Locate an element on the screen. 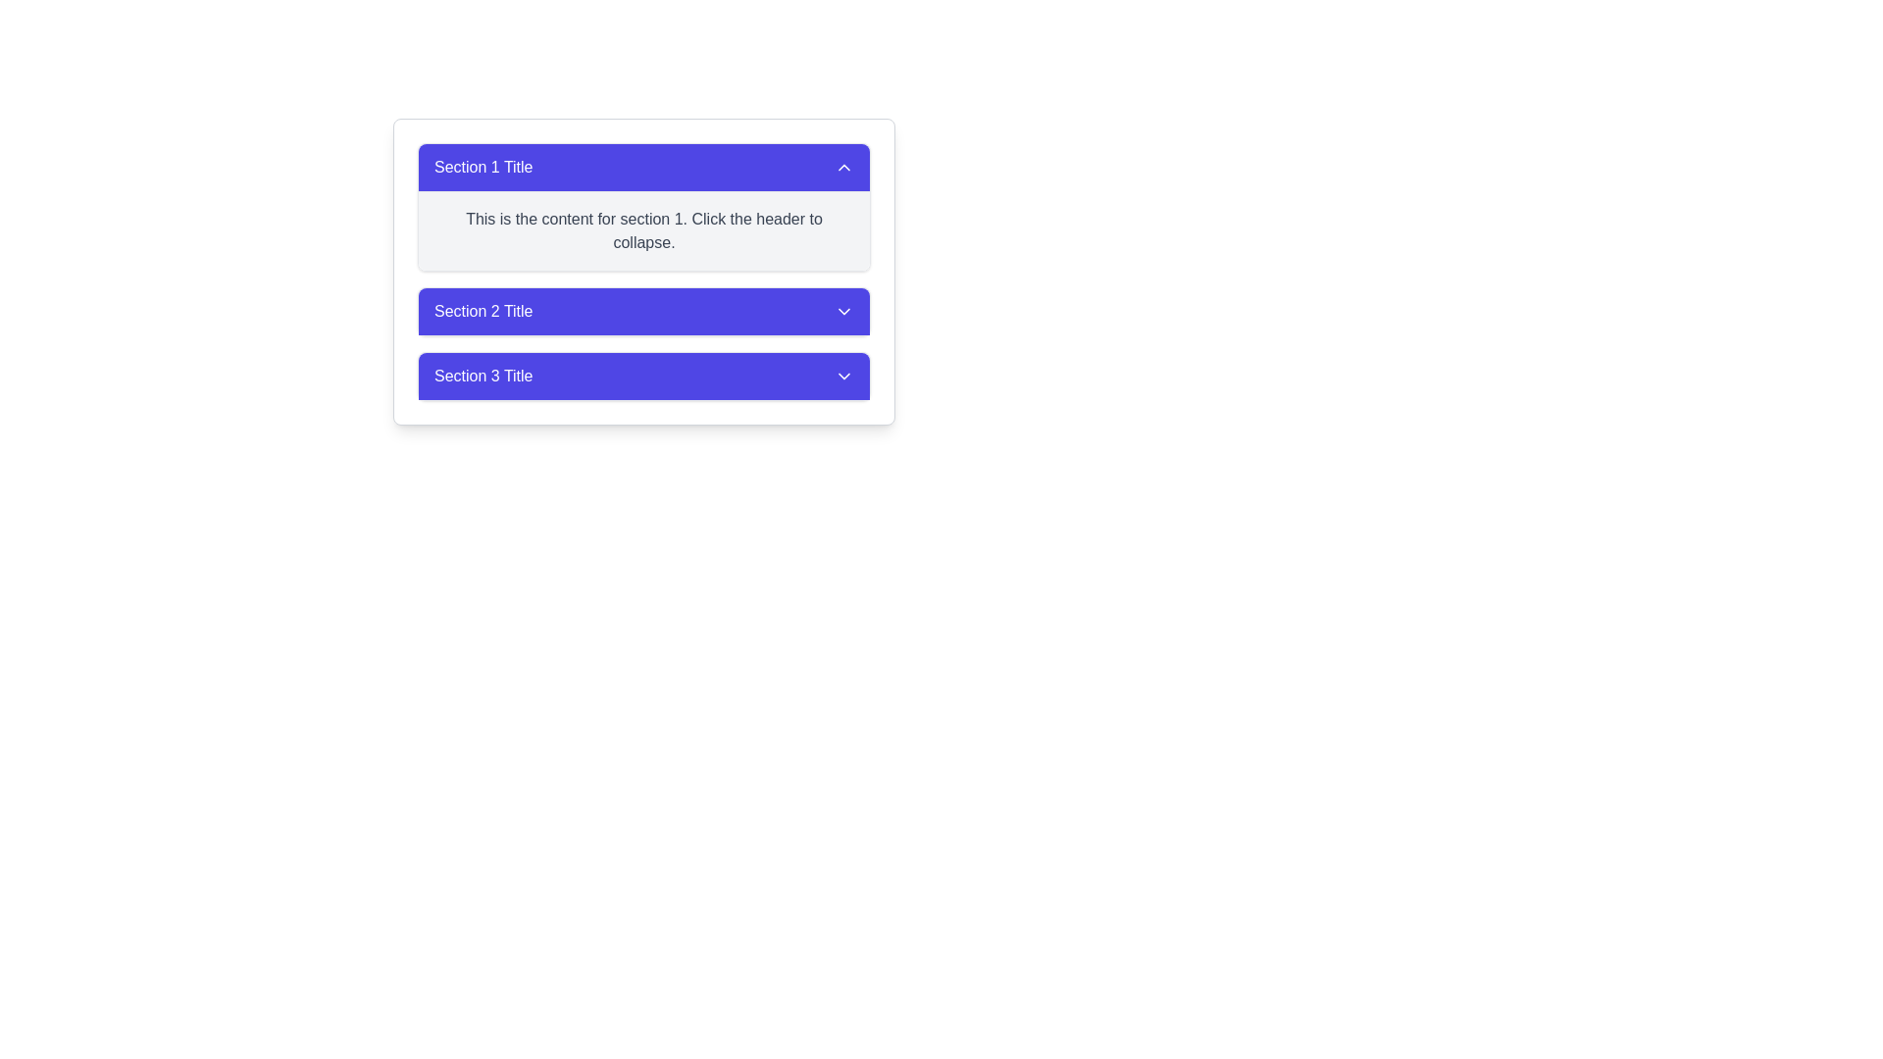  the button designed for toggling visibility of content sections is located at coordinates (644, 377).